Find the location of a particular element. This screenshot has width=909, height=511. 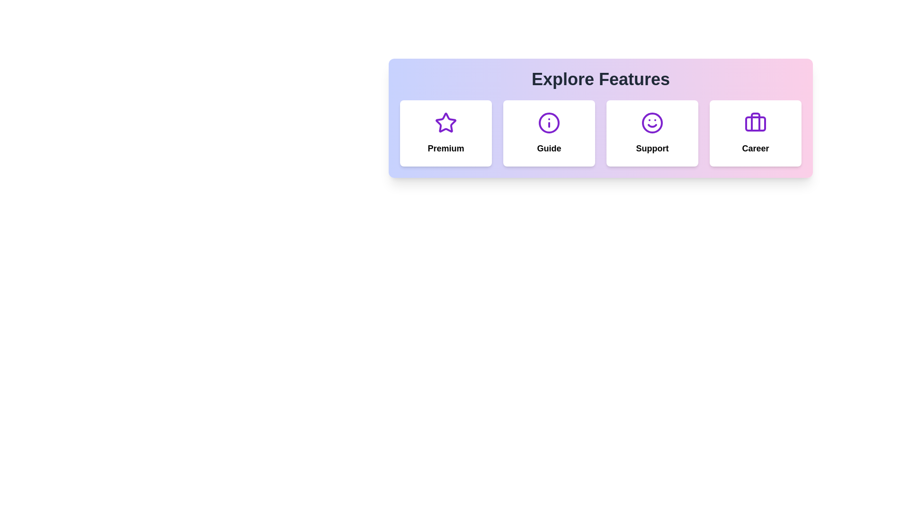

the premium feature star icon located in the first card under the 'Explore Features' heading is located at coordinates (445, 122).